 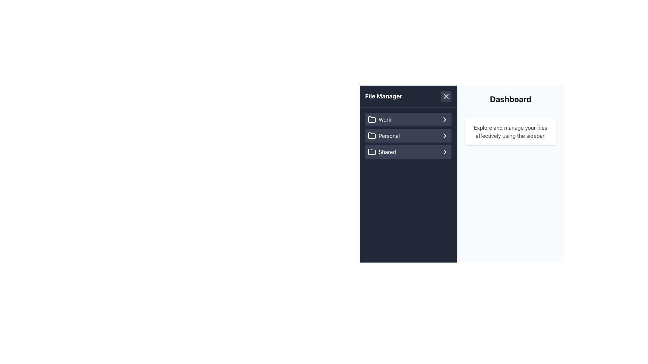 What do you see at coordinates (384, 135) in the screenshot?
I see `the 'Personal' navigation link in the sidebar` at bounding box center [384, 135].